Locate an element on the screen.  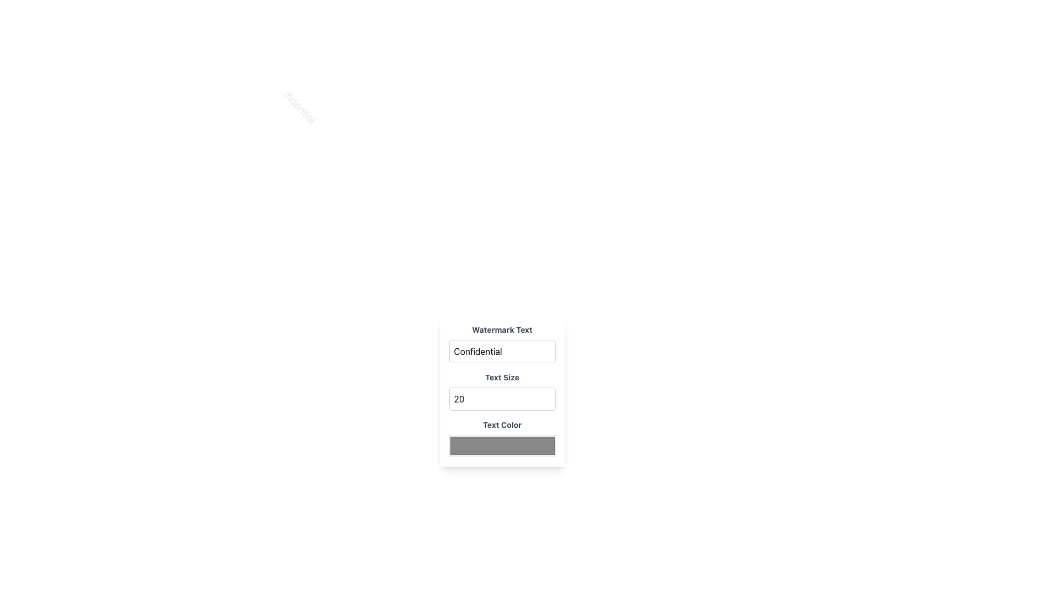
the white rectangular panel with rounded corners, which contains sections for 'Watermark Text,' 'Text Size,' and 'Text Color,' is located at coordinates (501, 391).